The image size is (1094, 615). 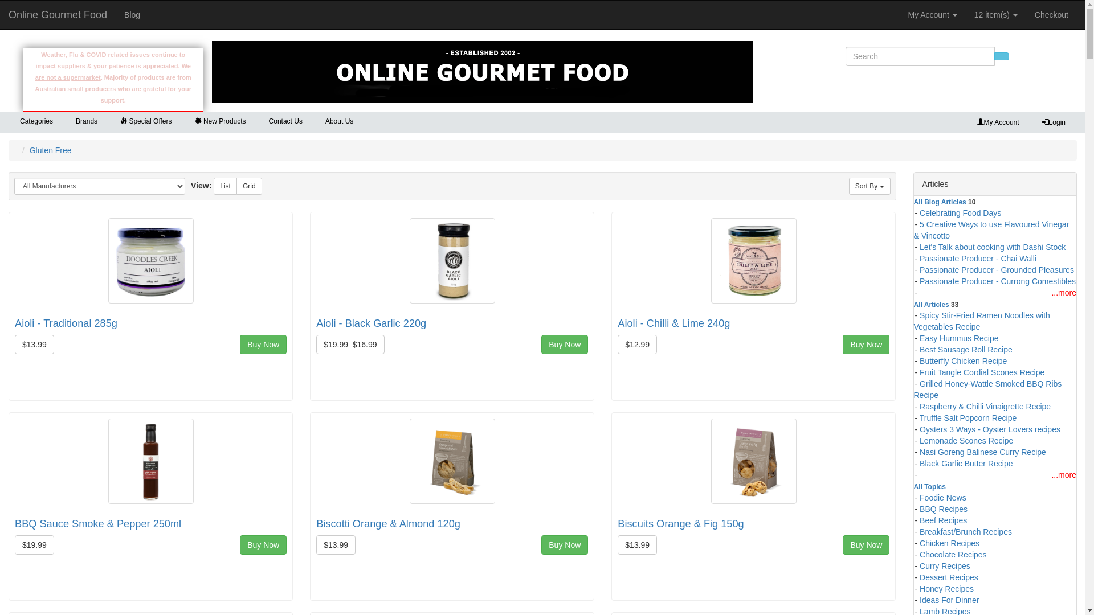 What do you see at coordinates (371, 323) in the screenshot?
I see `'Aioli - Black Garlic 220g'` at bounding box center [371, 323].